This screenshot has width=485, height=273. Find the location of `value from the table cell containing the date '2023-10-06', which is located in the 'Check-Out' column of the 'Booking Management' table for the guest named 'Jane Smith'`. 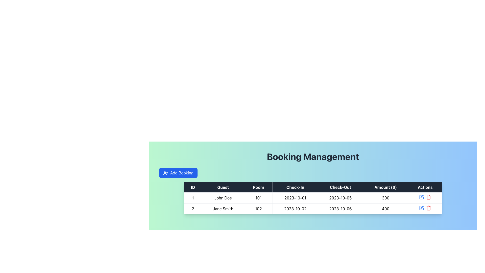

value from the table cell containing the date '2023-10-06', which is located in the 'Check-Out' column of the 'Booking Management' table for the guest named 'Jane Smith' is located at coordinates (340, 209).